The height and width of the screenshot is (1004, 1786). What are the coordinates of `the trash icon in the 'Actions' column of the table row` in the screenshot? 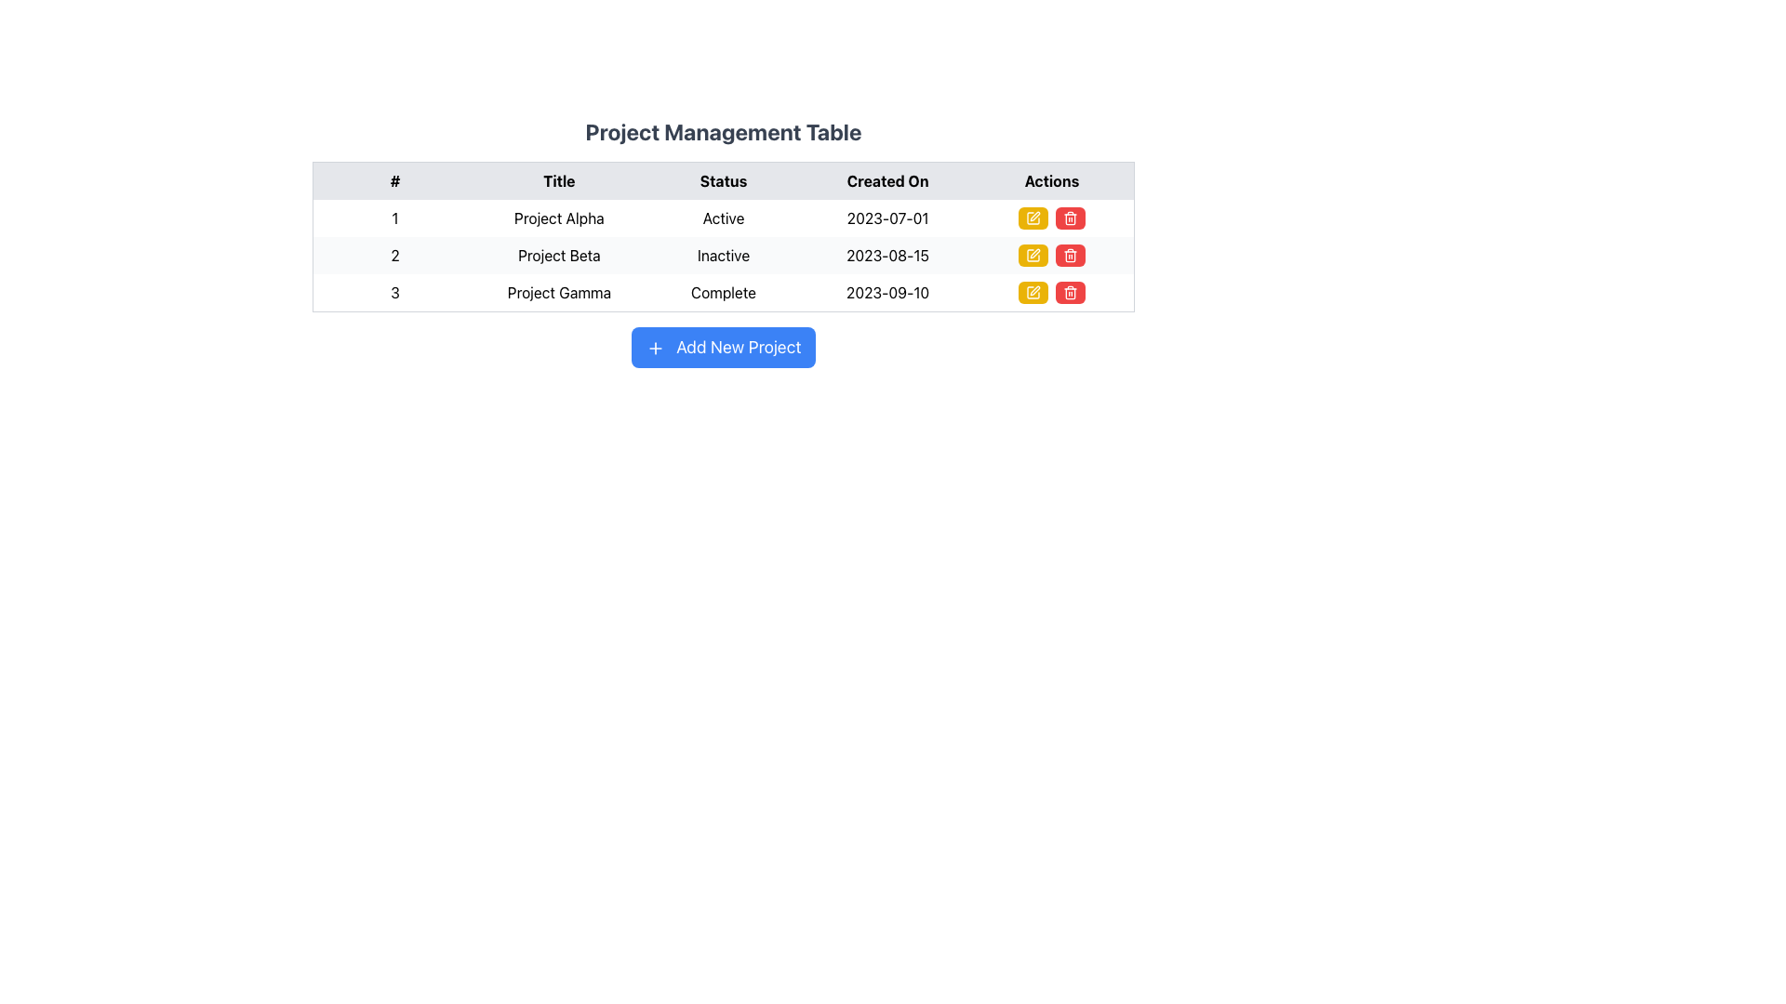 It's located at (1070, 255).